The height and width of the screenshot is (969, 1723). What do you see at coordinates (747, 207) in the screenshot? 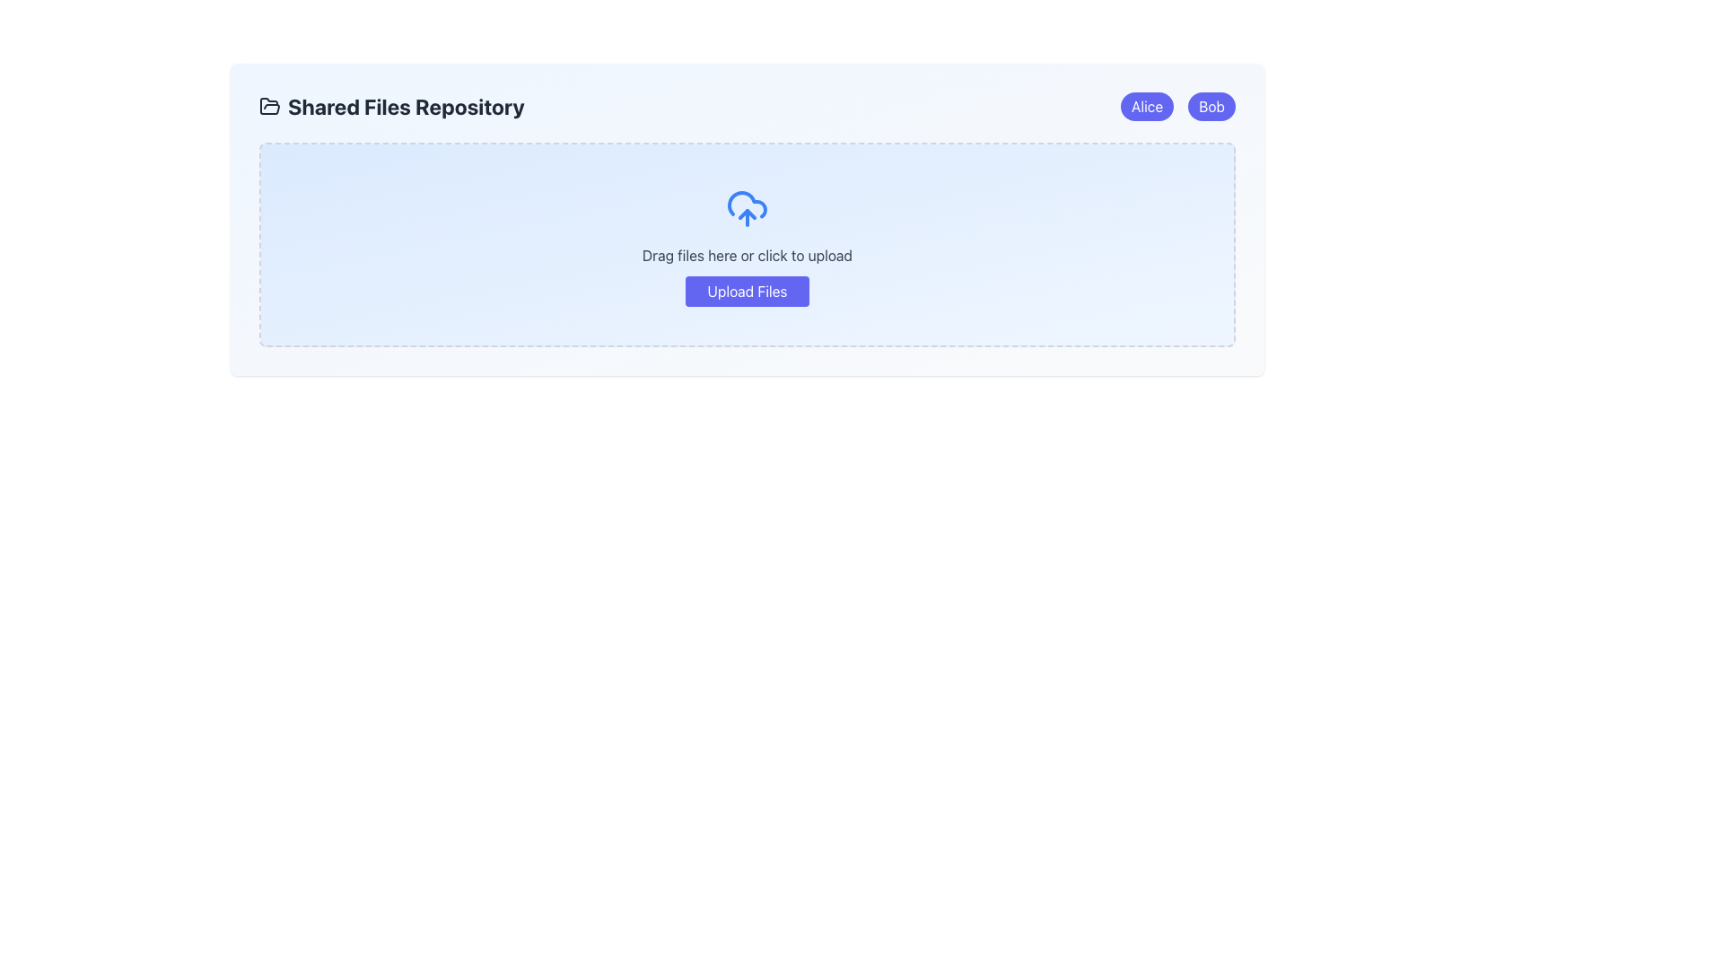
I see `the upload icon, which represents the upload functionality and is positioned above the text 'Drag files here or click to upload' and the 'Upload Files' button` at bounding box center [747, 207].